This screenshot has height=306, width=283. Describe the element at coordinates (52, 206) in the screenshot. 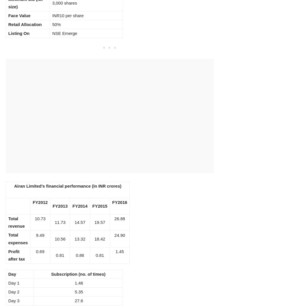

I see `'FY2013'` at that location.